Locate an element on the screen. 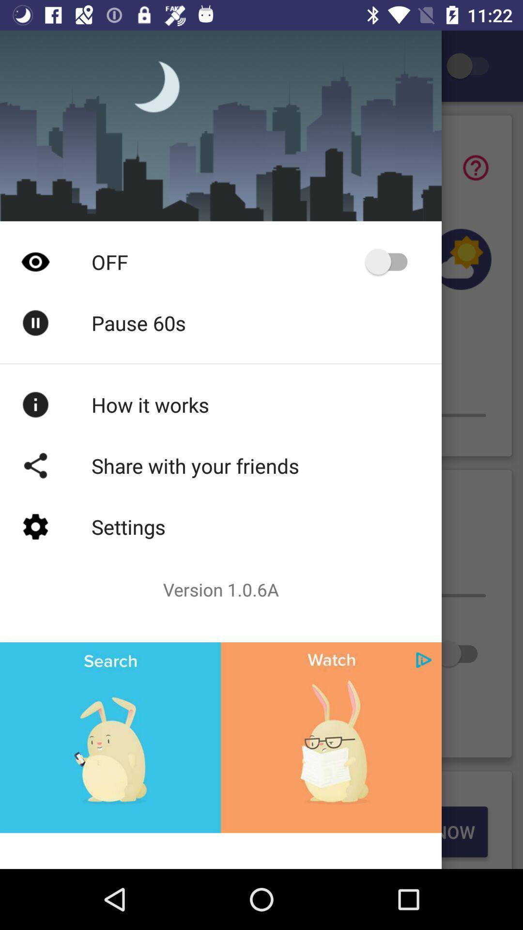  question symbol is located at coordinates (475, 168).